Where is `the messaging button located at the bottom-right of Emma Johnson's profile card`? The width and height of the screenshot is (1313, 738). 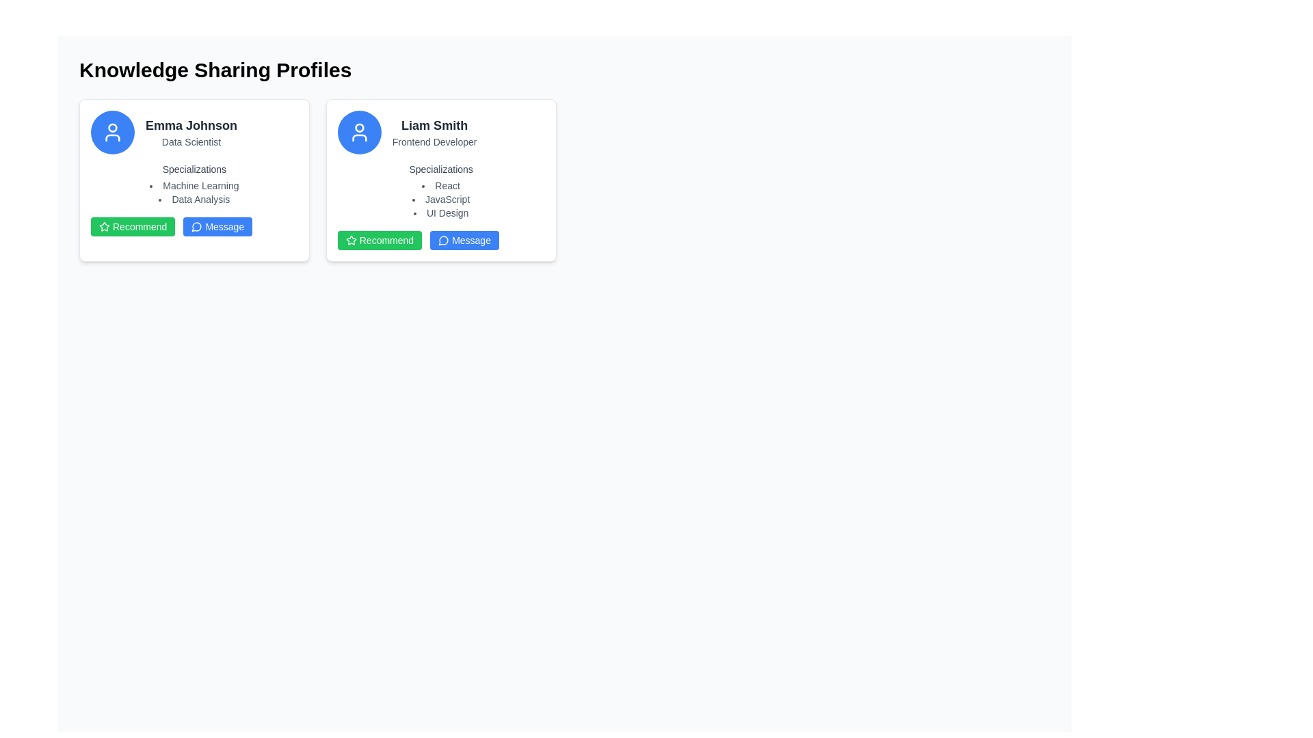 the messaging button located at the bottom-right of Emma Johnson's profile card is located at coordinates (194, 225).